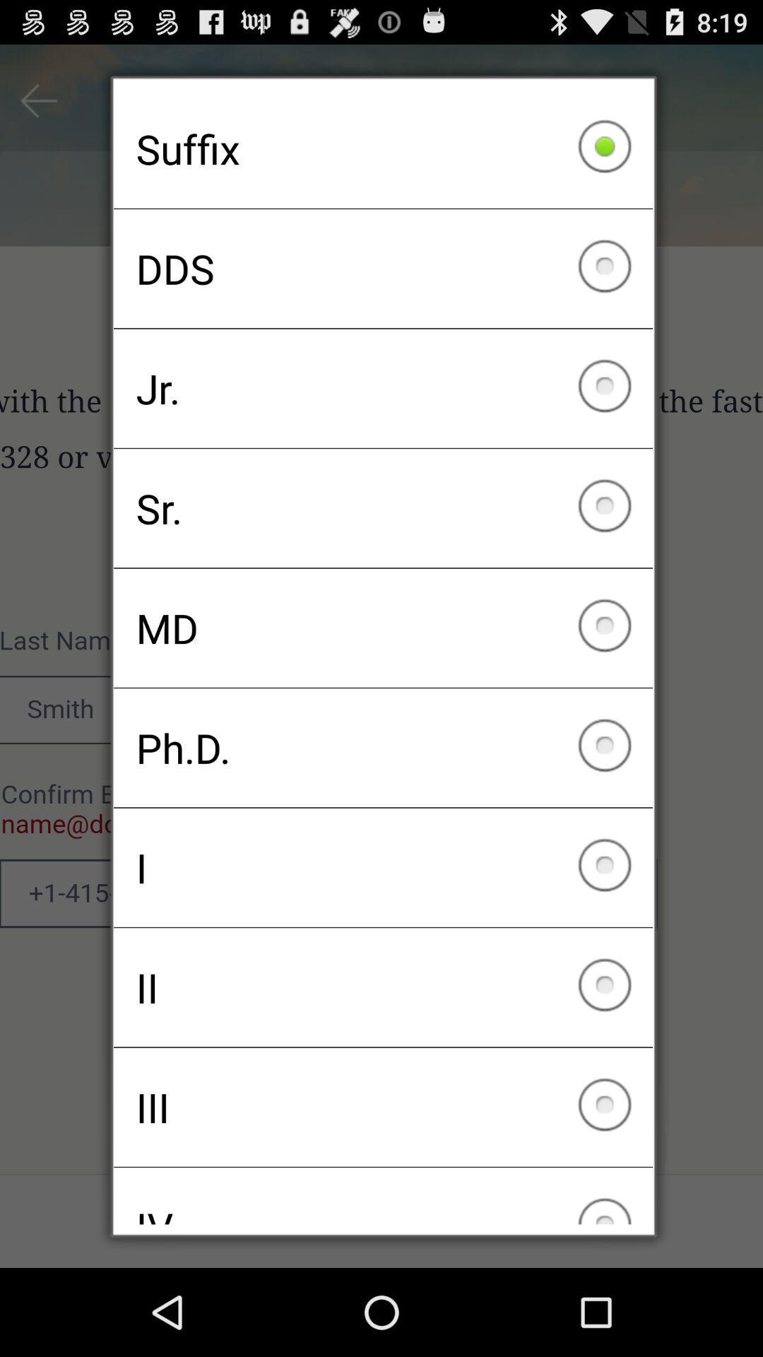 The width and height of the screenshot is (763, 1357). Describe the element at coordinates (383, 1195) in the screenshot. I see `the iv checkbox` at that location.